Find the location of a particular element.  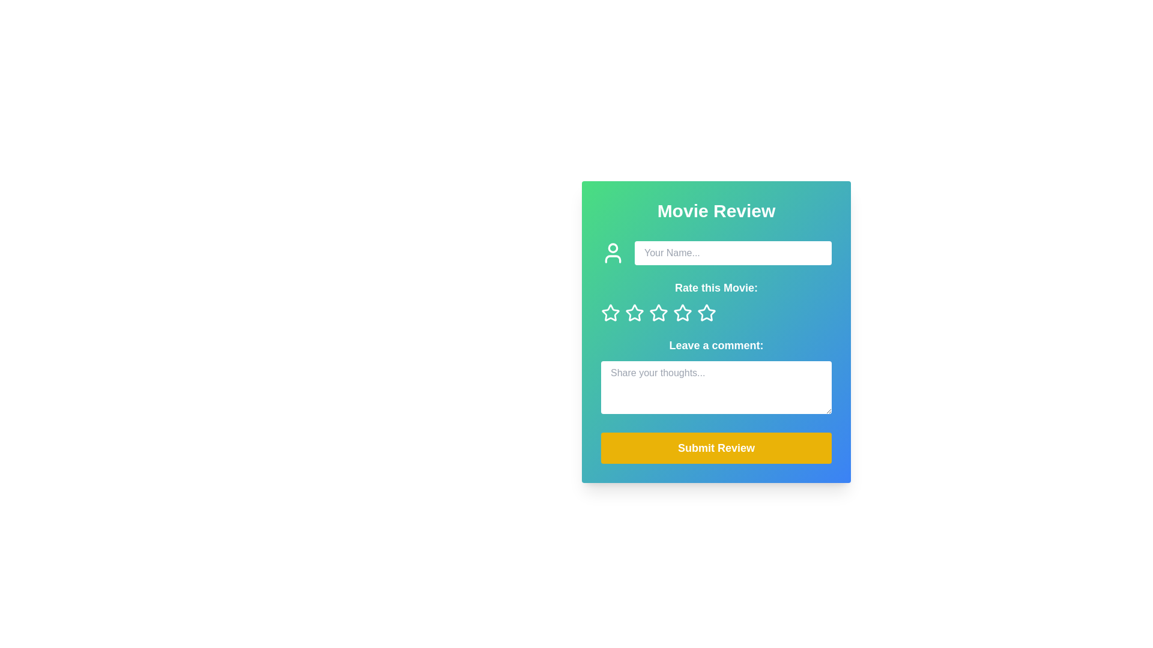

the third rating star from the left in the row of five stars is located at coordinates (658, 312).